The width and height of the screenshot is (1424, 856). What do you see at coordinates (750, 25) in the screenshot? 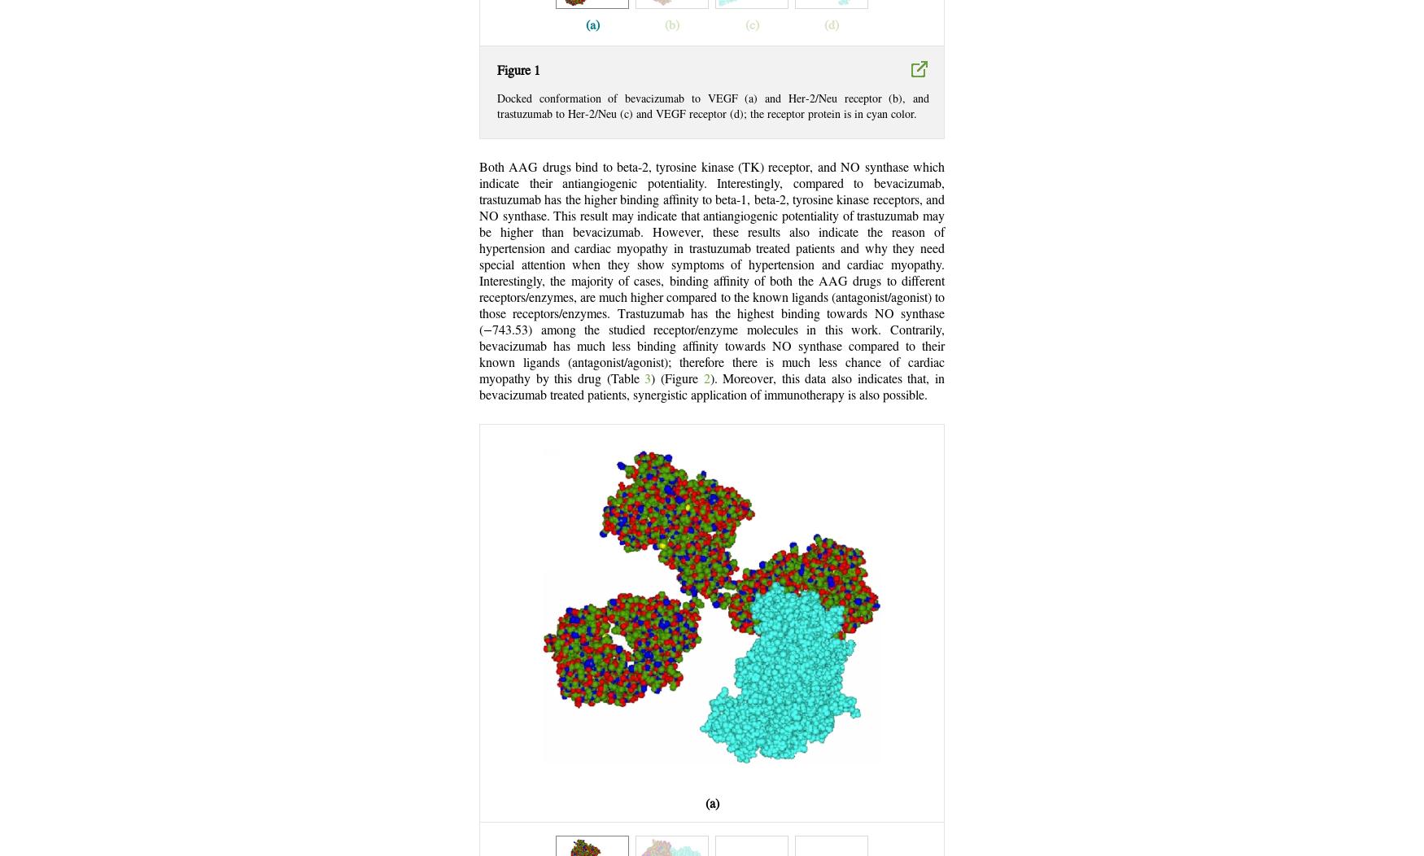
I see `'(c)'` at bounding box center [750, 25].